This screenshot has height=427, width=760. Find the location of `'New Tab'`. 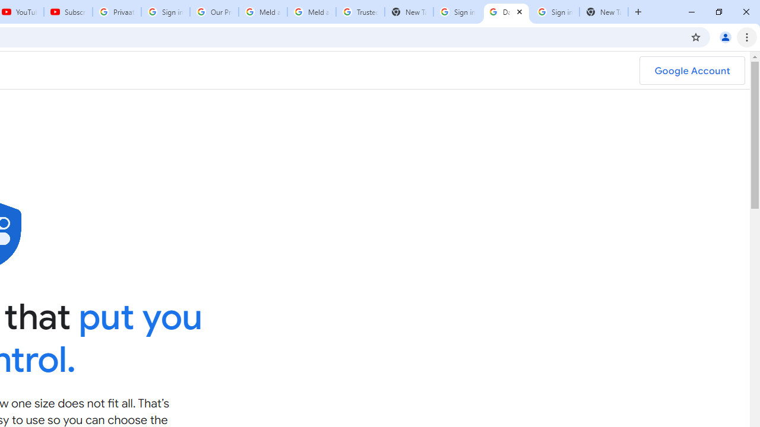

'New Tab' is located at coordinates (603, 12).